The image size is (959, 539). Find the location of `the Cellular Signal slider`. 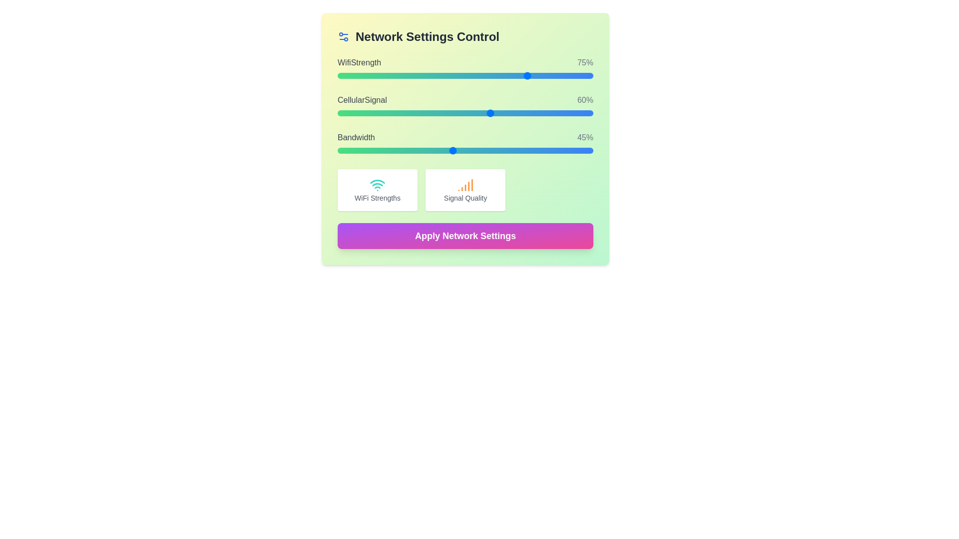

the Cellular Signal slider is located at coordinates (531, 113).